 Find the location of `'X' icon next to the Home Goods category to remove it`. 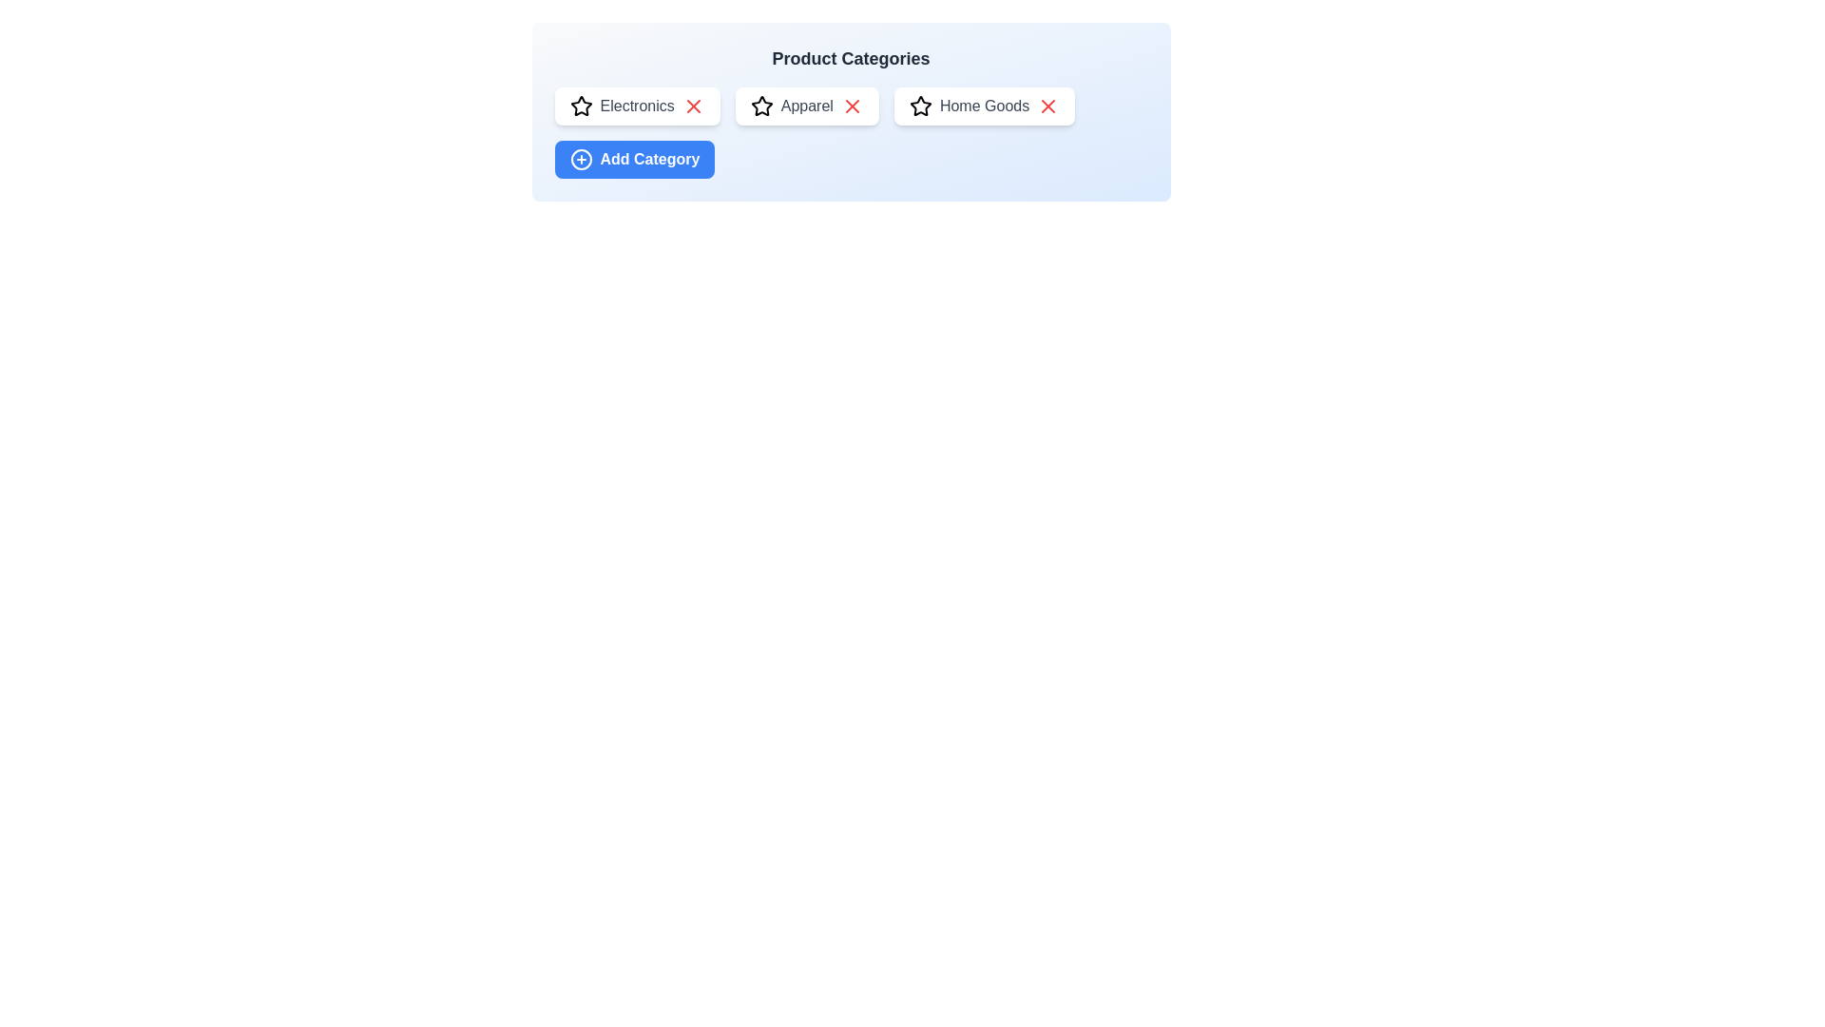

'X' icon next to the Home Goods category to remove it is located at coordinates (1047, 106).